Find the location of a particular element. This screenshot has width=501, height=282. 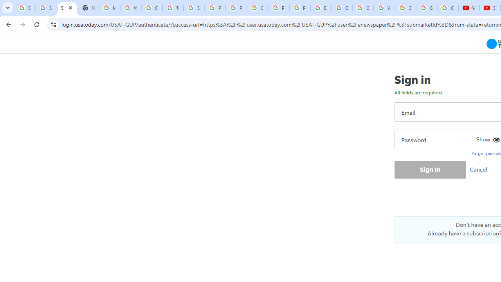

'Sign In' is located at coordinates (429, 169).